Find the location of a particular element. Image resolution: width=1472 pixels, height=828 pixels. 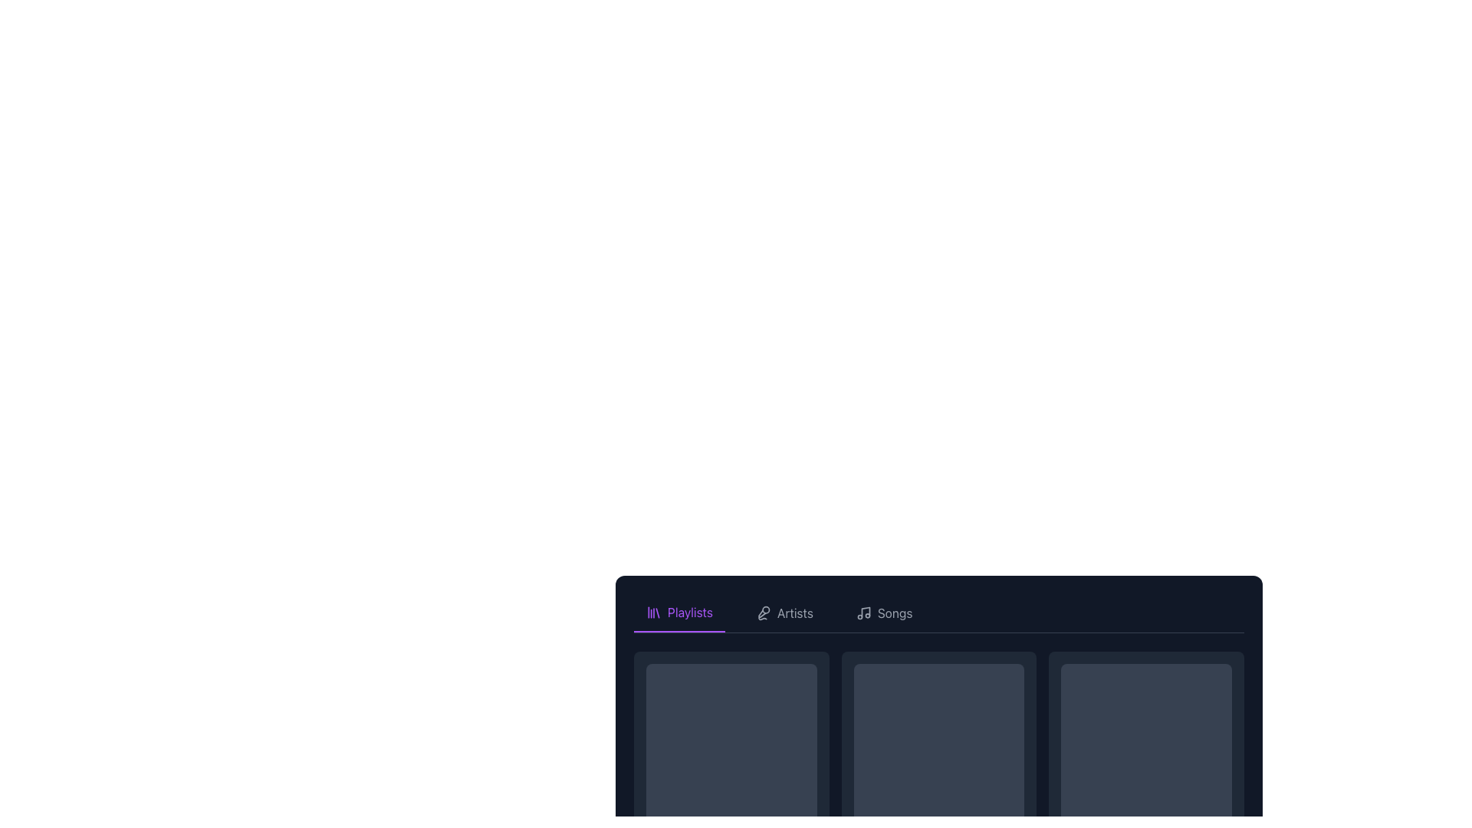

the 'Playlists' tab in the Interactive Navigation Tab, which is the first item in the menu with a purple underline indicating its active state is located at coordinates (678, 612).